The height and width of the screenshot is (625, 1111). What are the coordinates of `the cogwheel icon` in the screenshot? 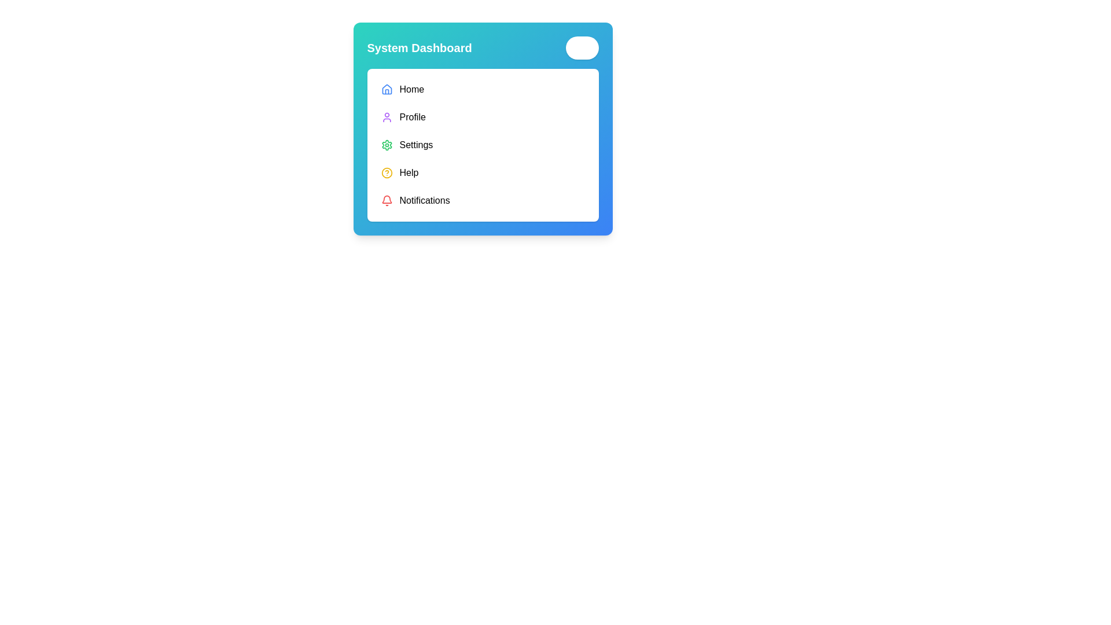 It's located at (387, 144).